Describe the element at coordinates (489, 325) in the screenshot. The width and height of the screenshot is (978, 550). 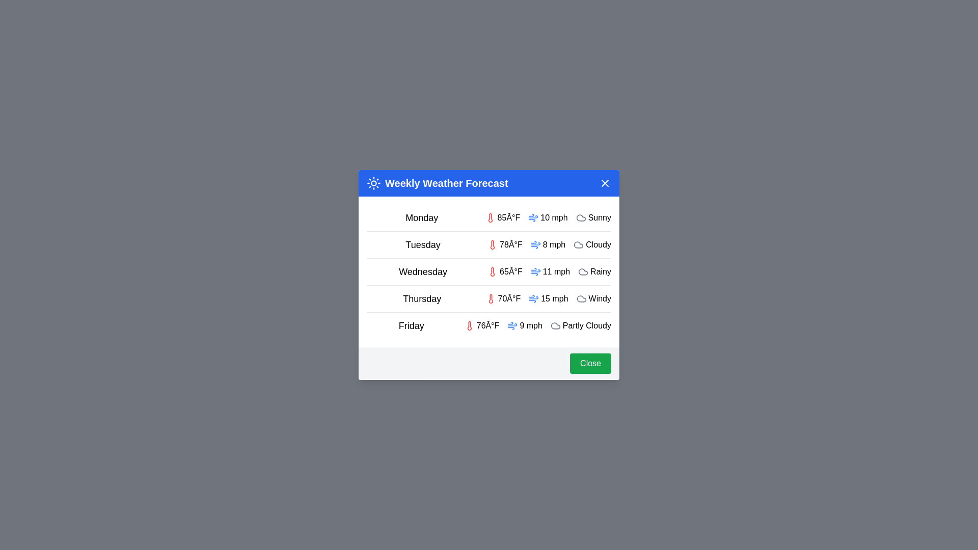
I see `the weather details for Friday` at that location.